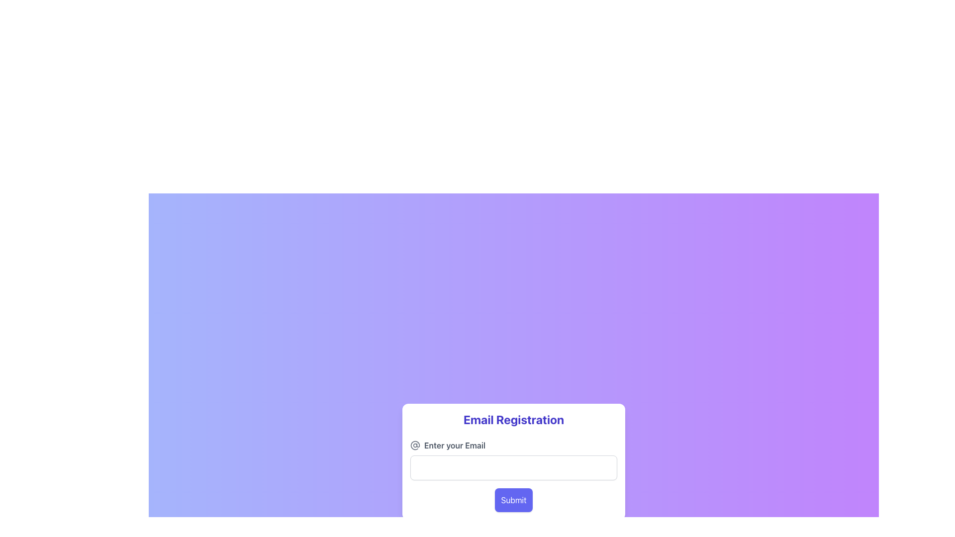  Describe the element at coordinates (415, 445) in the screenshot. I see `the email input icon located to the left of the 'Enter your Email' text, which serves as a symbolic cue for the label` at that location.